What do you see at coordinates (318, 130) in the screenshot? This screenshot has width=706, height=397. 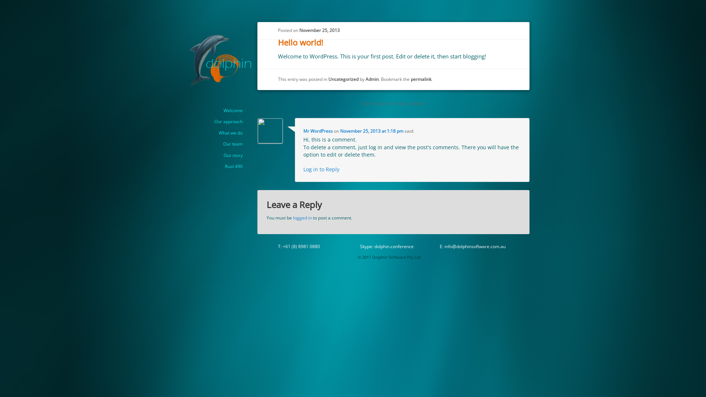 I see `'Mr WordPress'` at bounding box center [318, 130].